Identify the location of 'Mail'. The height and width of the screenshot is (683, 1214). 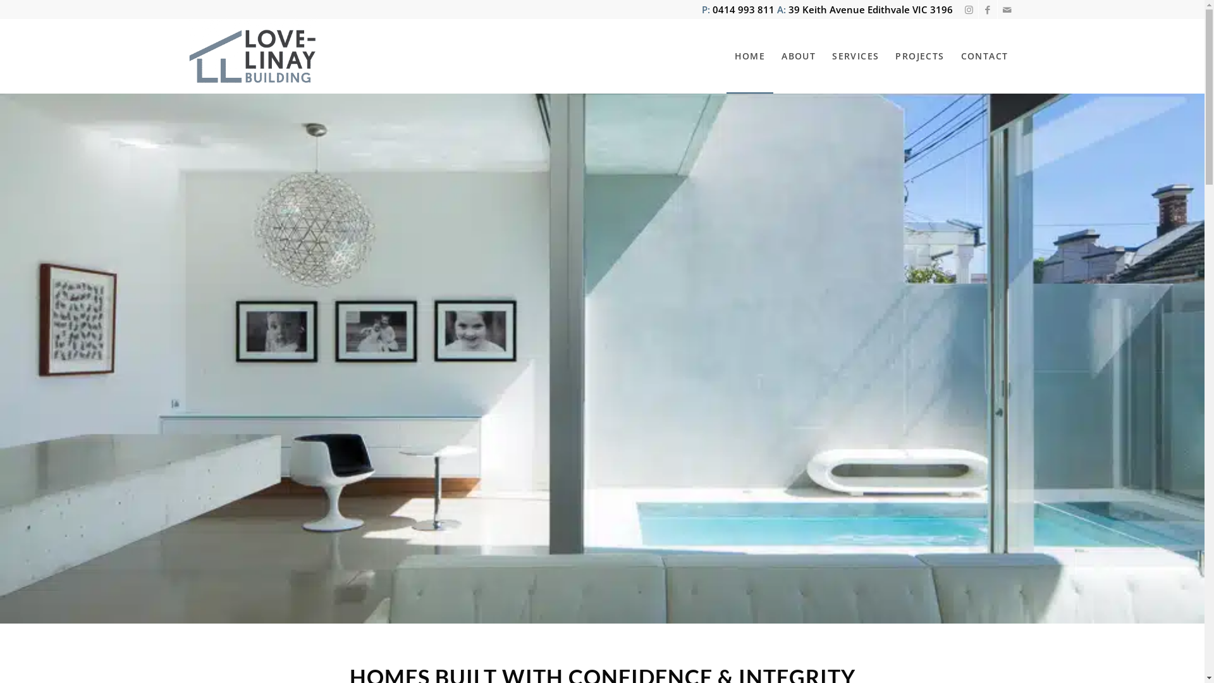
(997, 9).